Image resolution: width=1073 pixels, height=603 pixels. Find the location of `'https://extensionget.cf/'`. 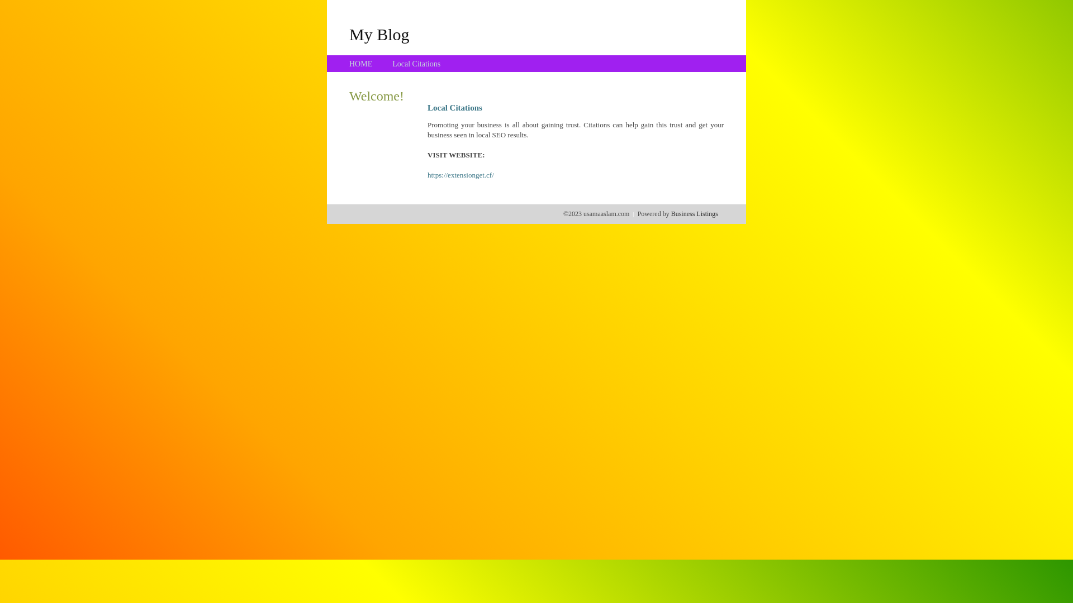

'https://extensionget.cf/' is located at coordinates (460, 175).